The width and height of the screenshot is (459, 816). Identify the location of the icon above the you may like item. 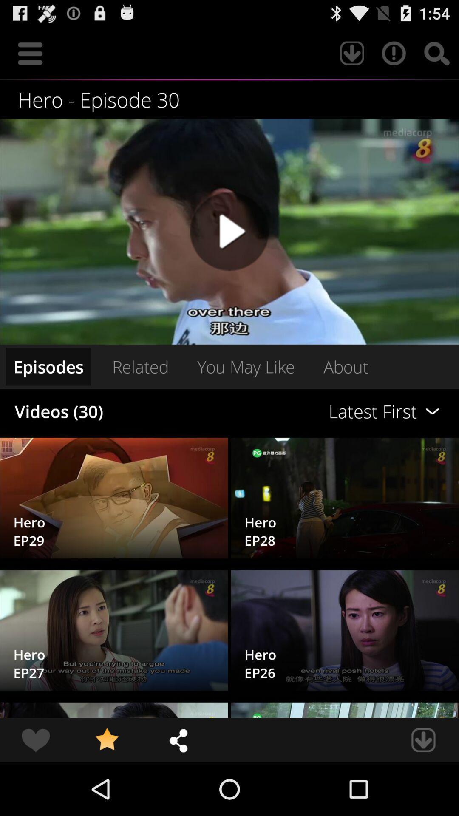
(229, 231).